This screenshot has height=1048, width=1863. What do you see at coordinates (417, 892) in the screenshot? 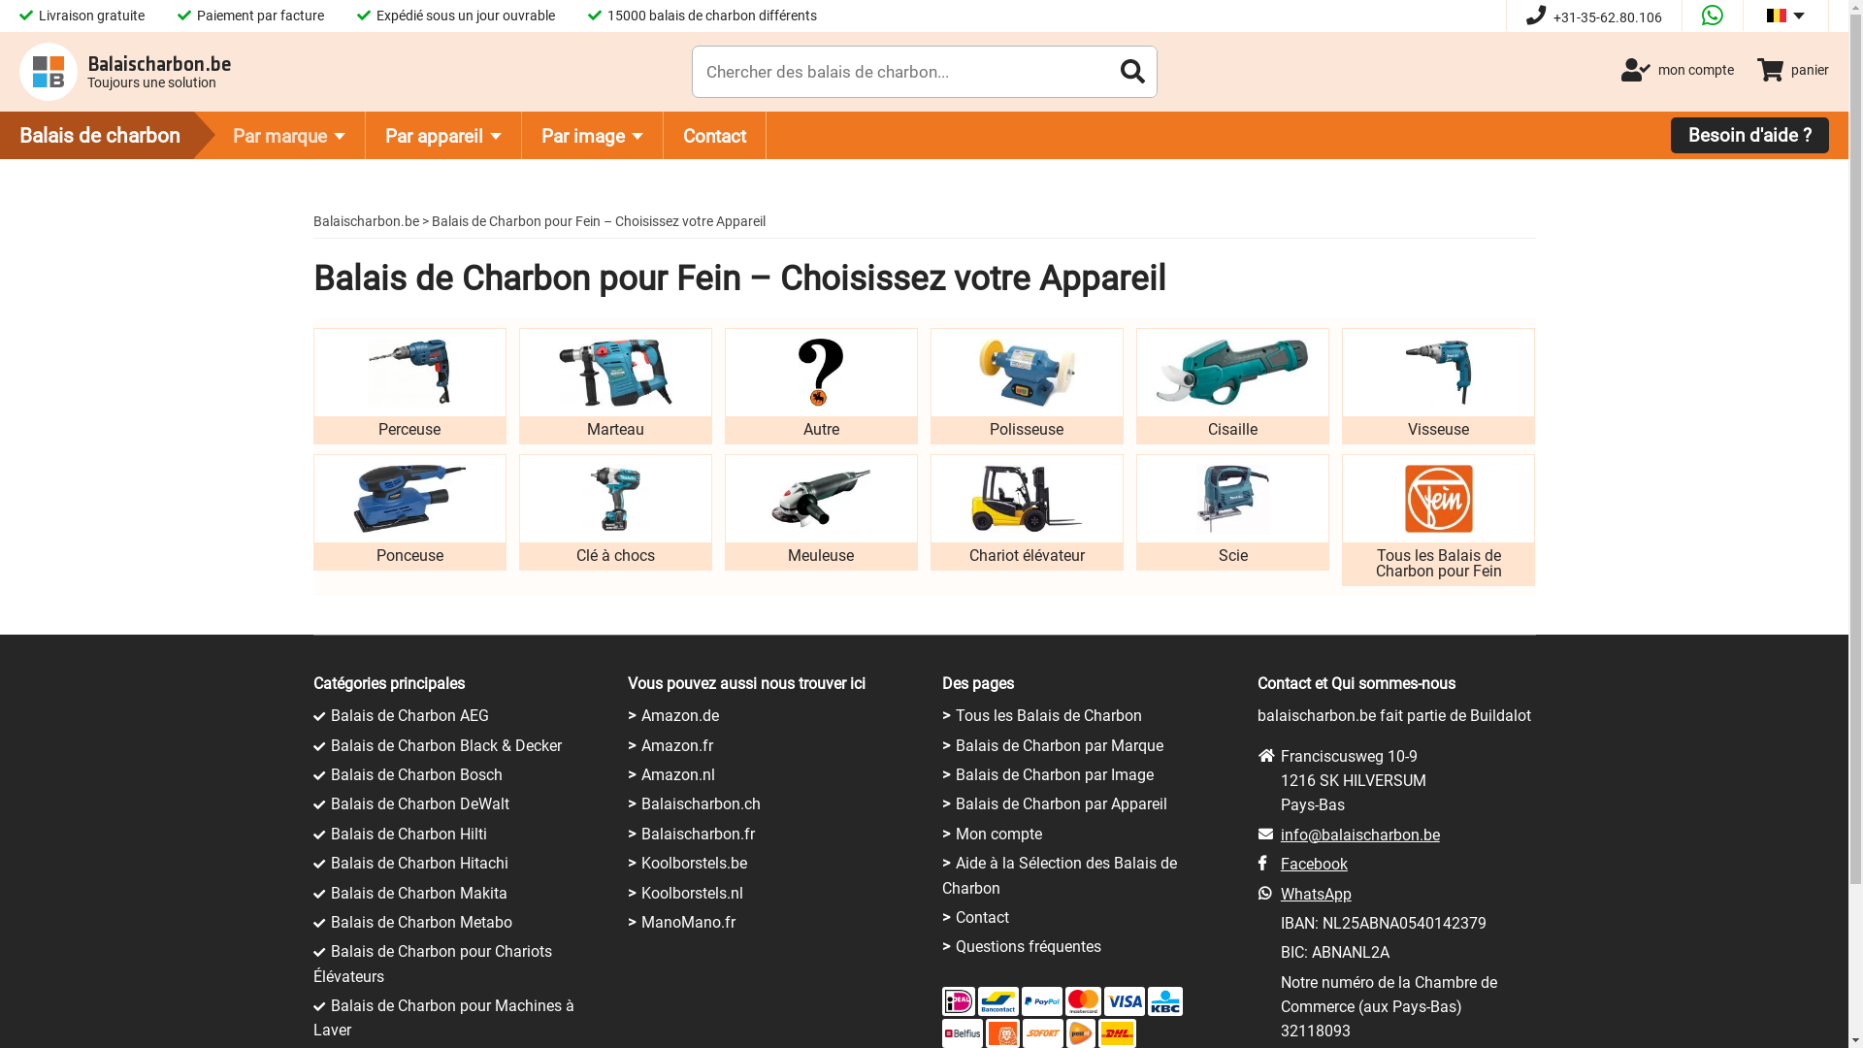
I see `'Balais de Charbon Makita'` at bounding box center [417, 892].